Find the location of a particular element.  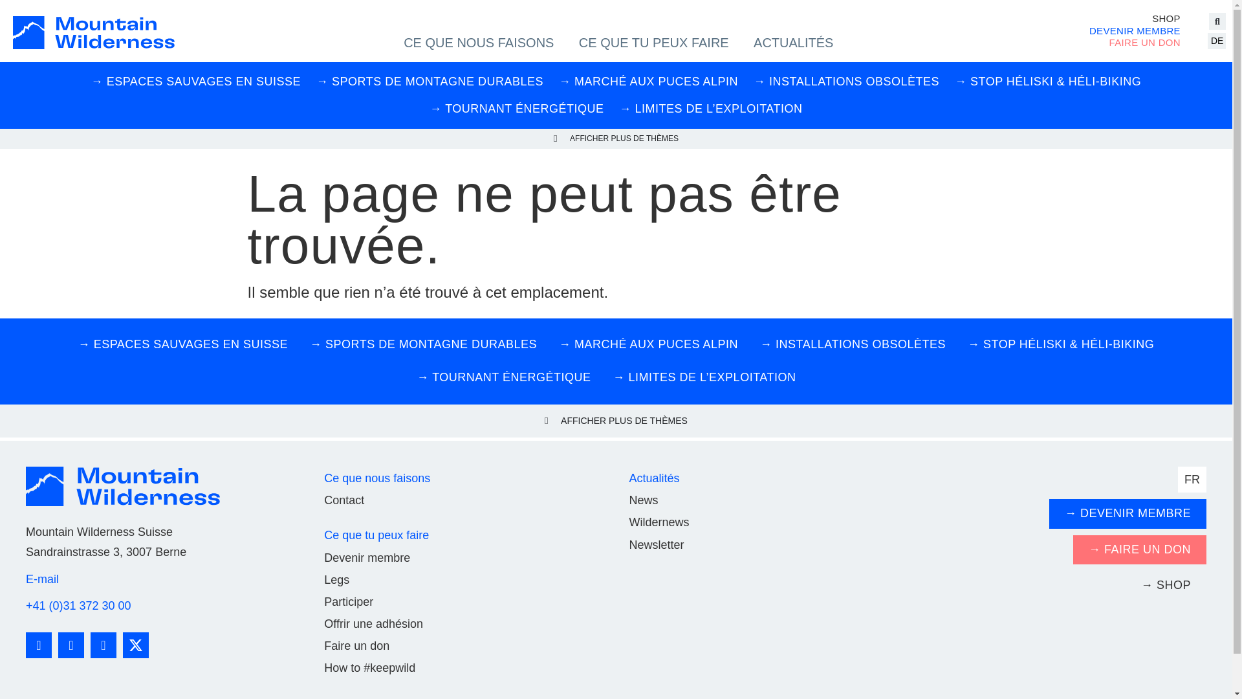

'FR' is located at coordinates (1192, 479).